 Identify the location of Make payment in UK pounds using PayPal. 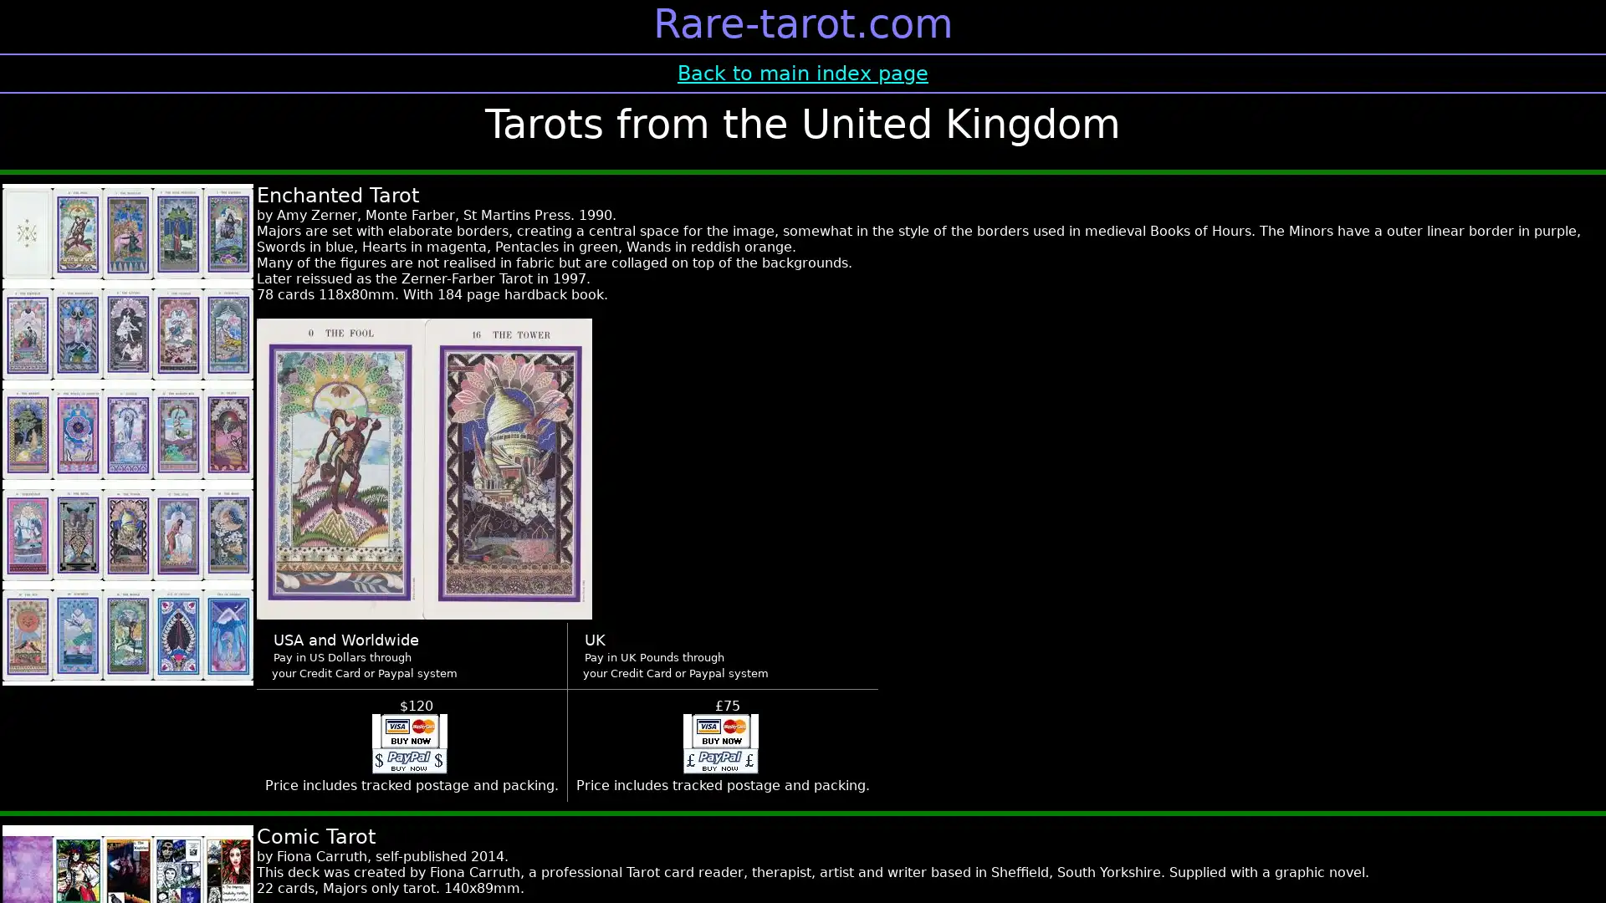
(719, 743).